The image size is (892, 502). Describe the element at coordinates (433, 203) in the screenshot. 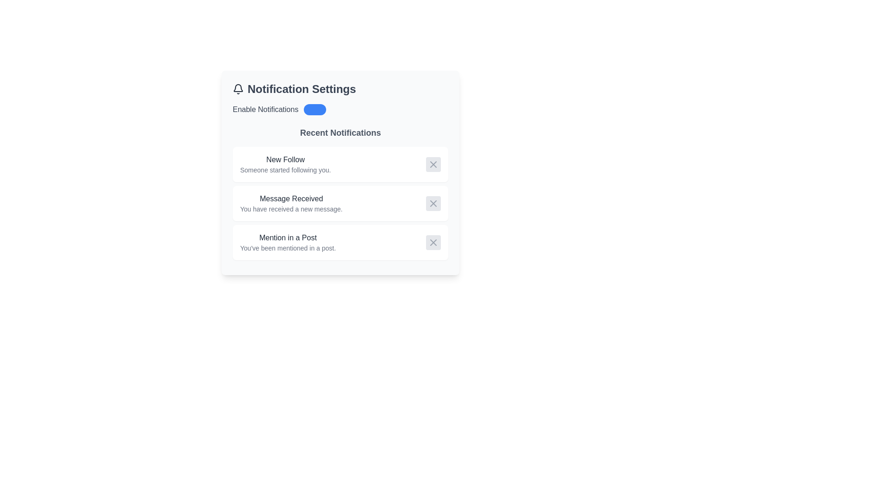

I see `the close button for the 'Message Received' notification` at that location.